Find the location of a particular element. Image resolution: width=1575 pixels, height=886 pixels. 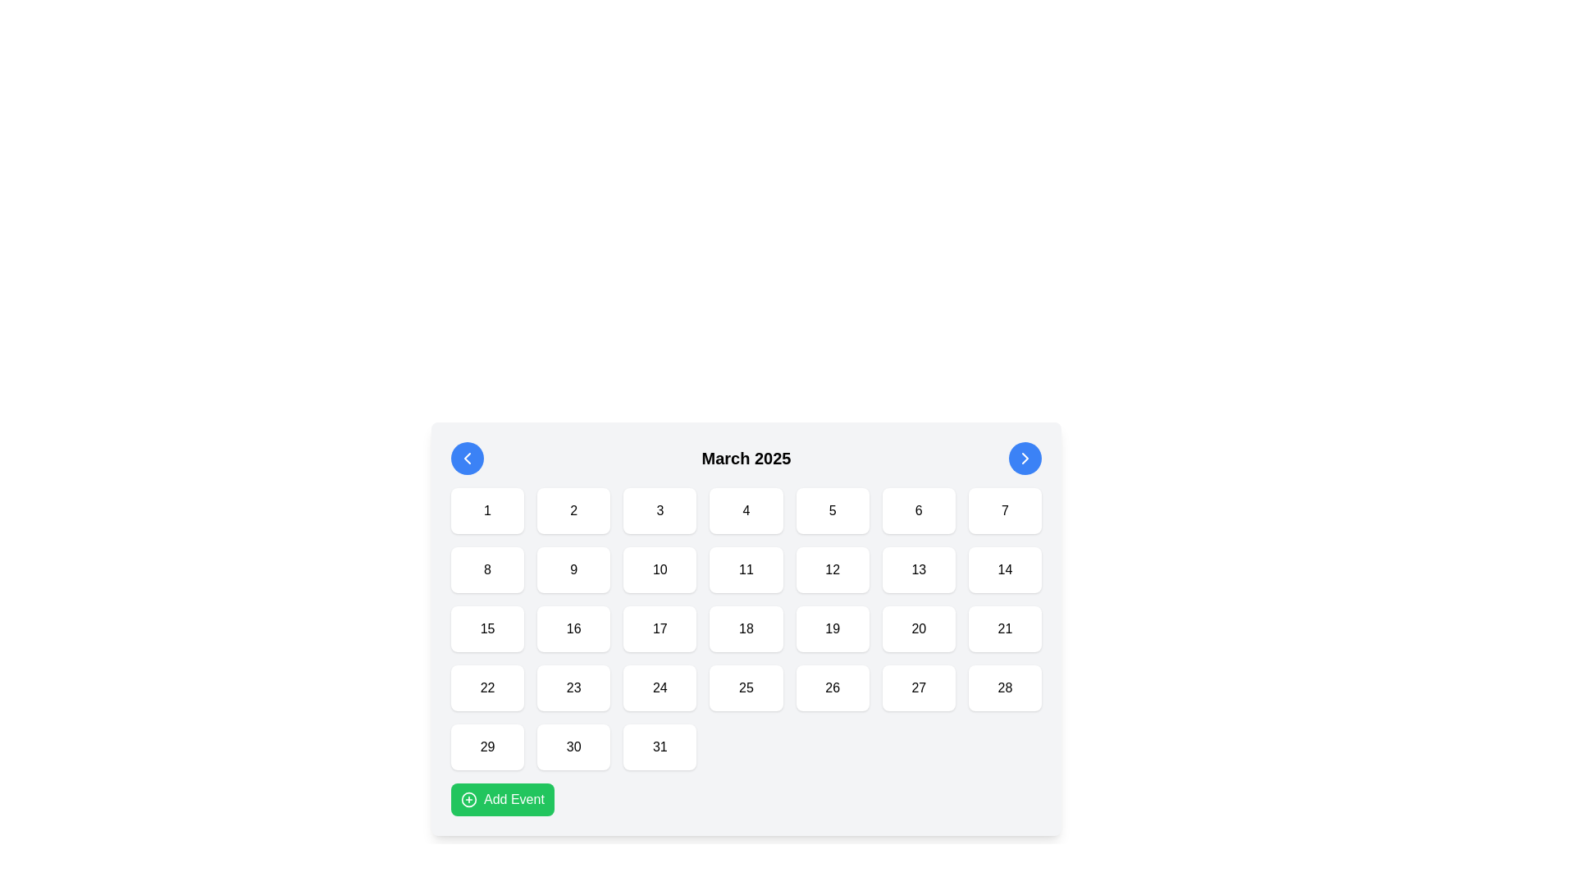

the rectangular button displaying the number '31' in the calendar interface for March 2025 is located at coordinates (660, 747).